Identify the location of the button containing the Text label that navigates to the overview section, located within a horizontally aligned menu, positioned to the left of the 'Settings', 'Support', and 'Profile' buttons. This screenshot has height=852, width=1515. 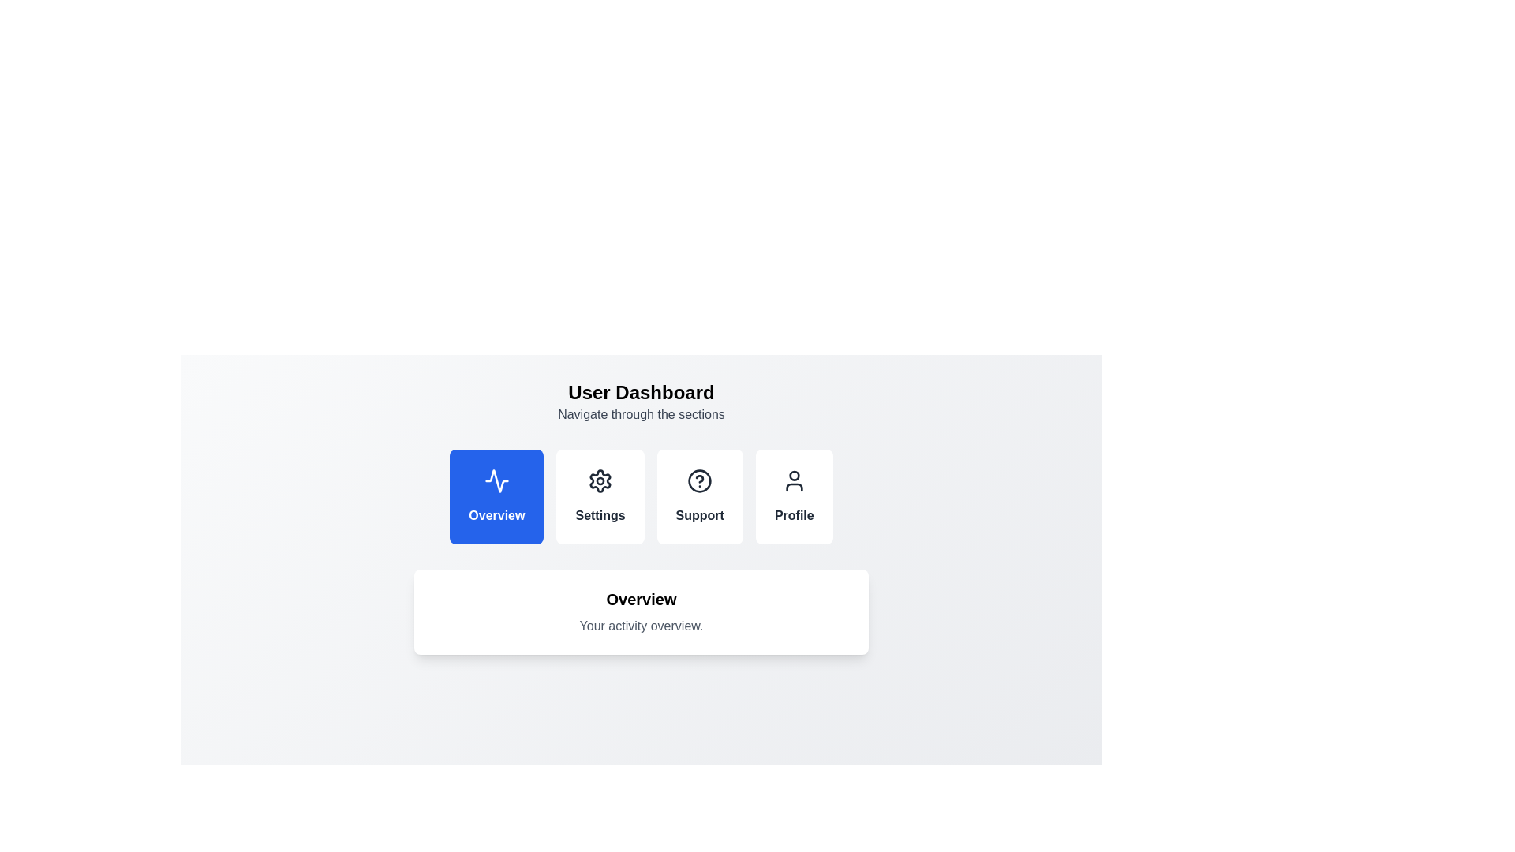
(496, 516).